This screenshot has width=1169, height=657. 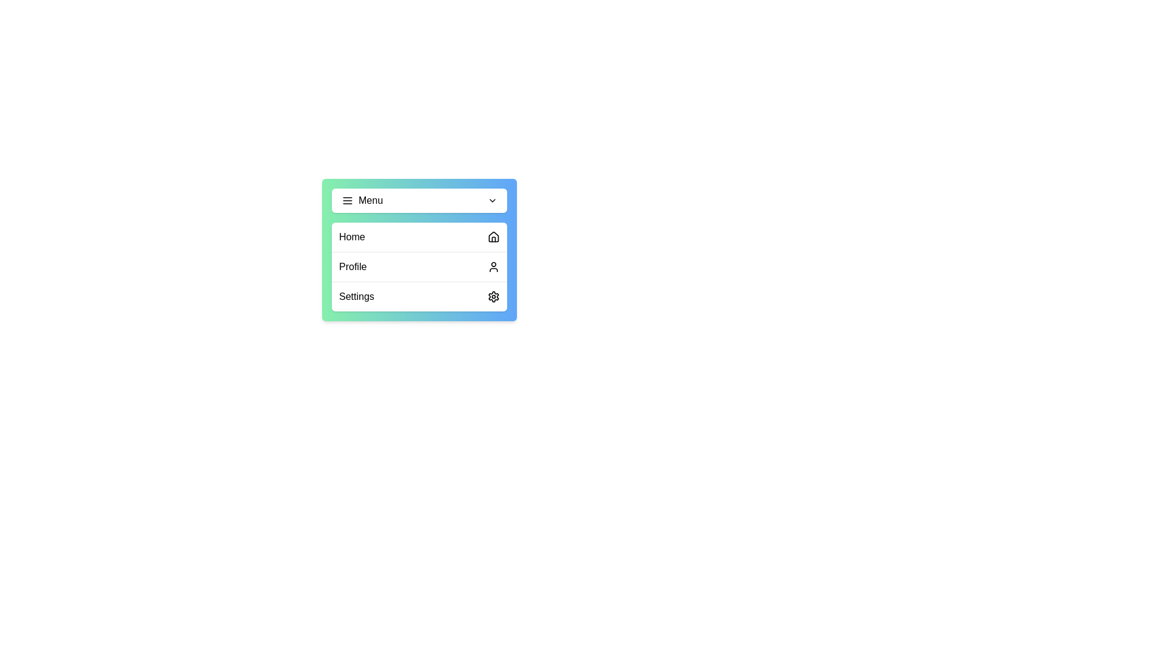 I want to click on the 'Home' option in the menu, so click(x=420, y=237).